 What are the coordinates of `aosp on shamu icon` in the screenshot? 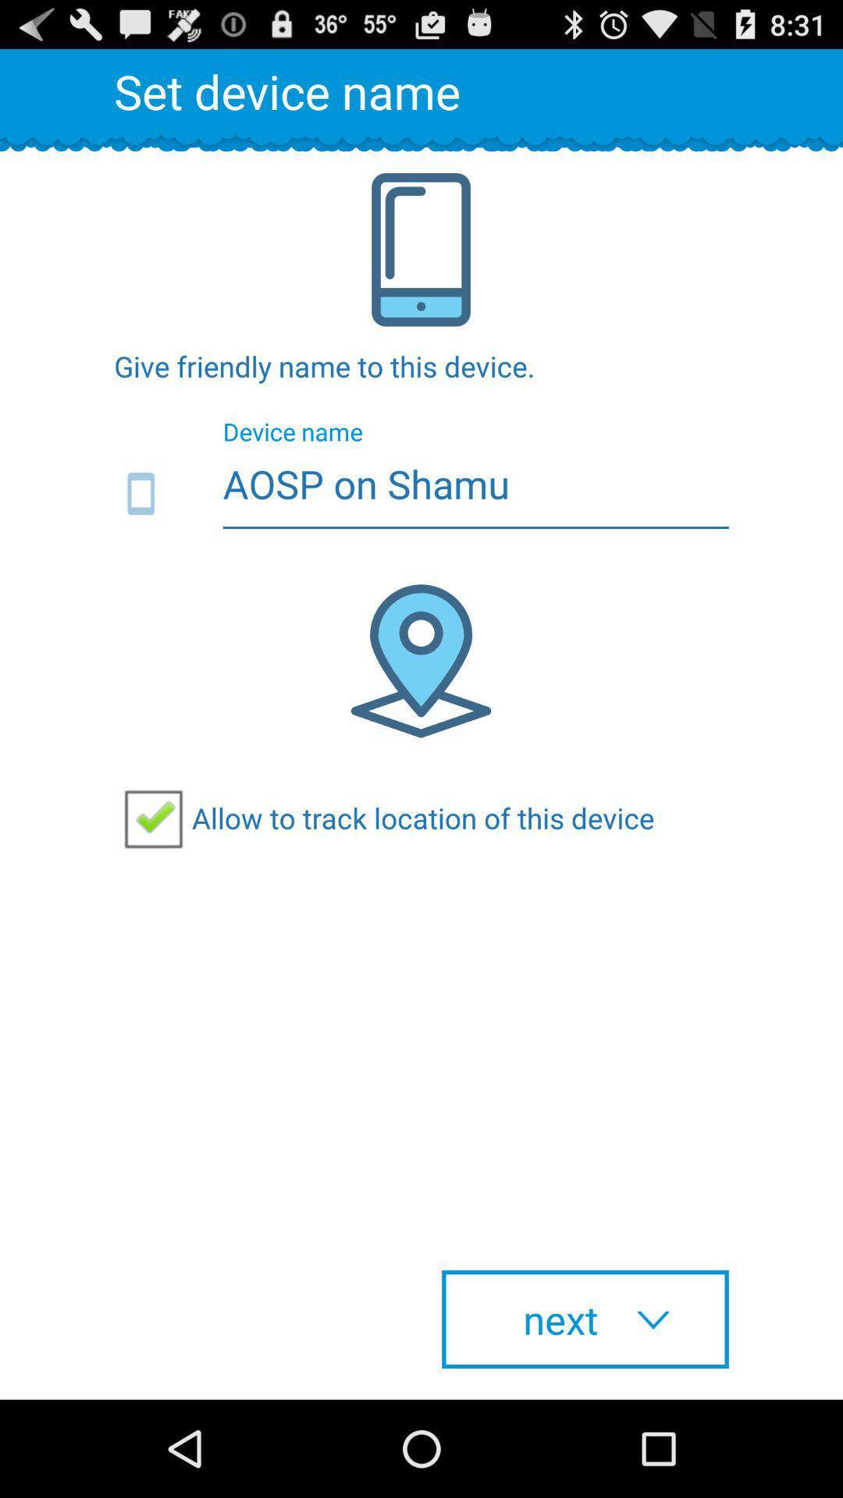 It's located at (421, 494).